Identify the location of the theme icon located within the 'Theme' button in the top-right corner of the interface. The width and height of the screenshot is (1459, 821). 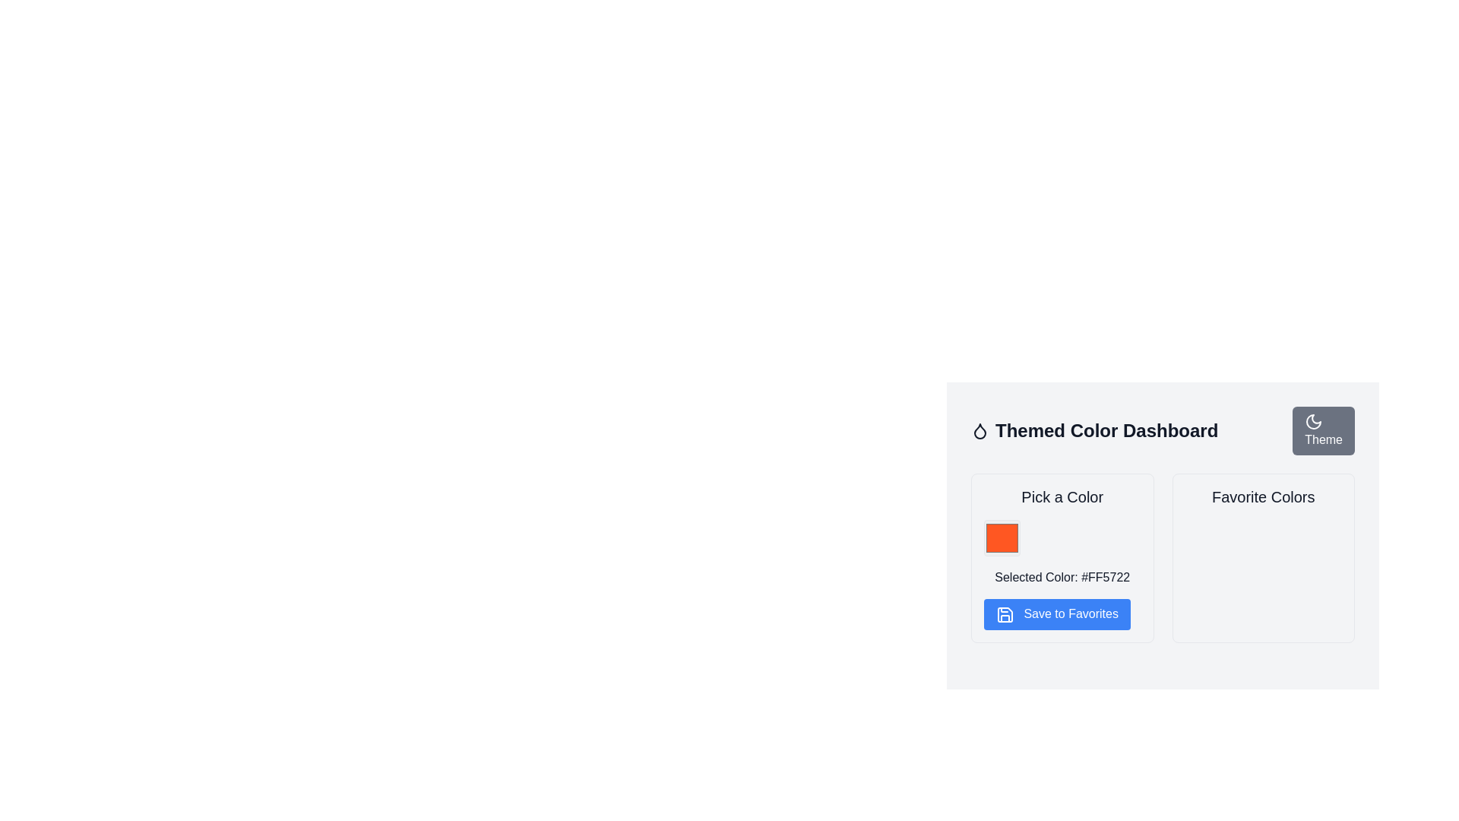
(1313, 422).